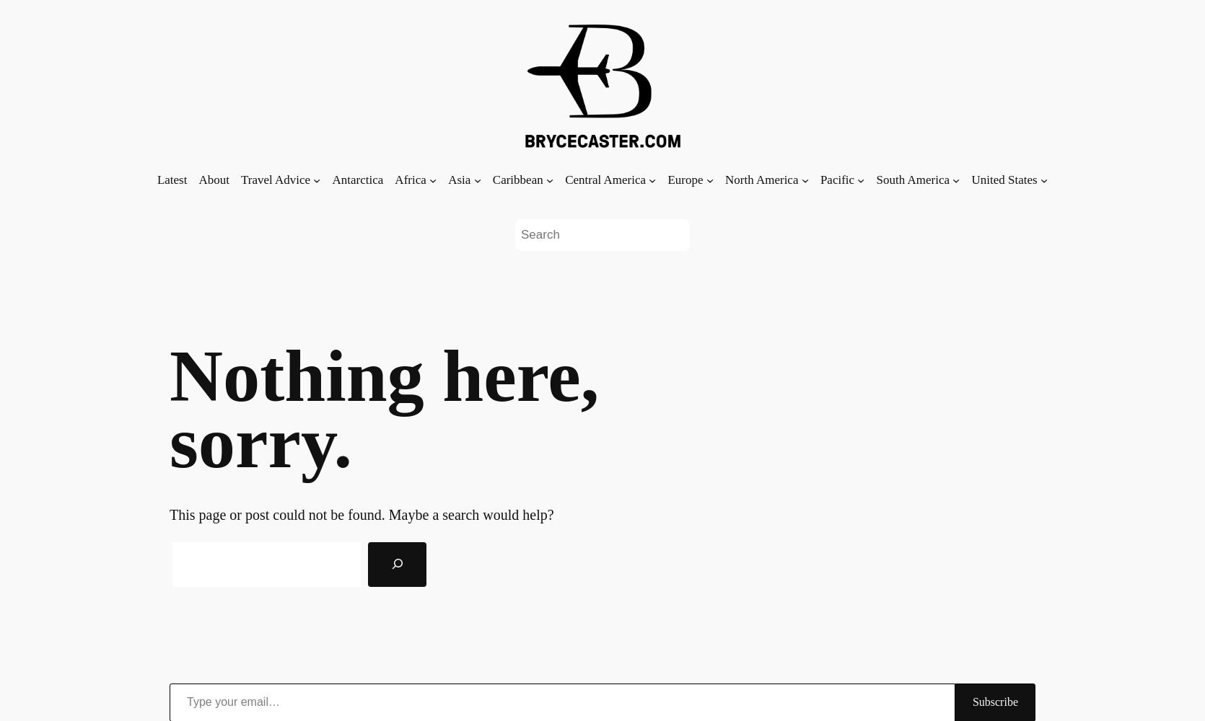 The width and height of the screenshot is (1205, 721). What do you see at coordinates (458, 179) in the screenshot?
I see `'Asia'` at bounding box center [458, 179].